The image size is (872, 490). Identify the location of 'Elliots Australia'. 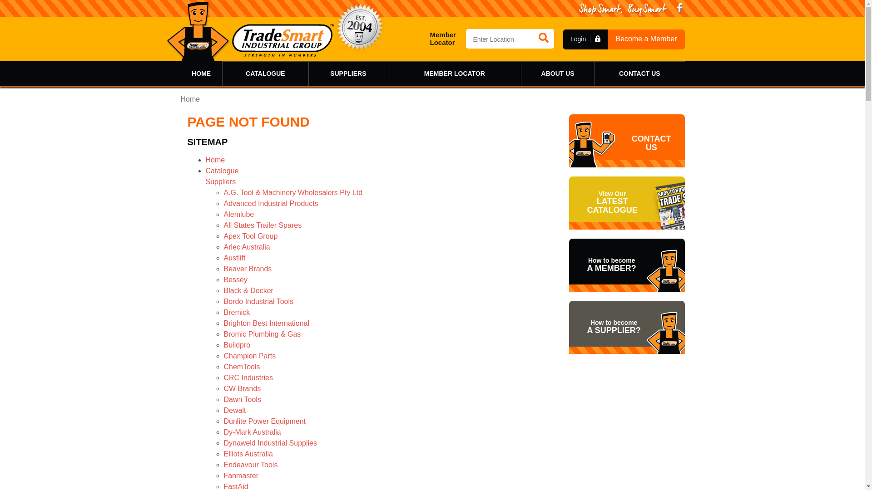
(248, 454).